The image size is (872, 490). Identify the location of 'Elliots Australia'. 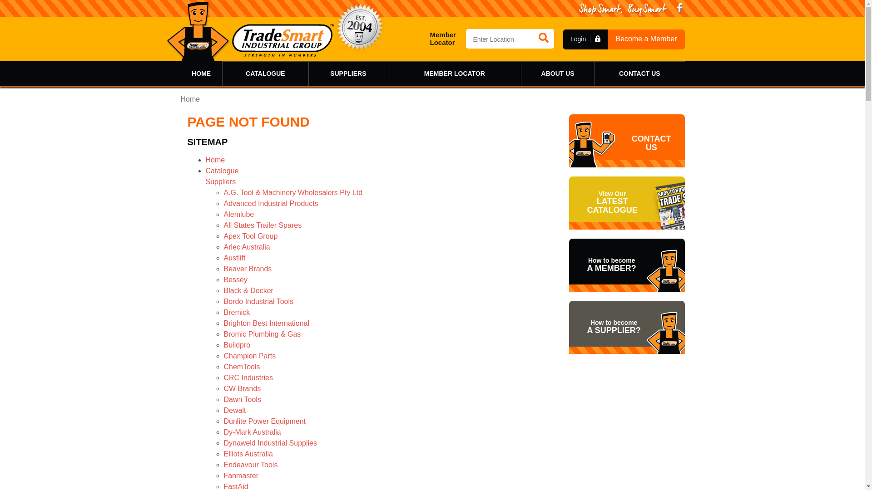
(248, 454).